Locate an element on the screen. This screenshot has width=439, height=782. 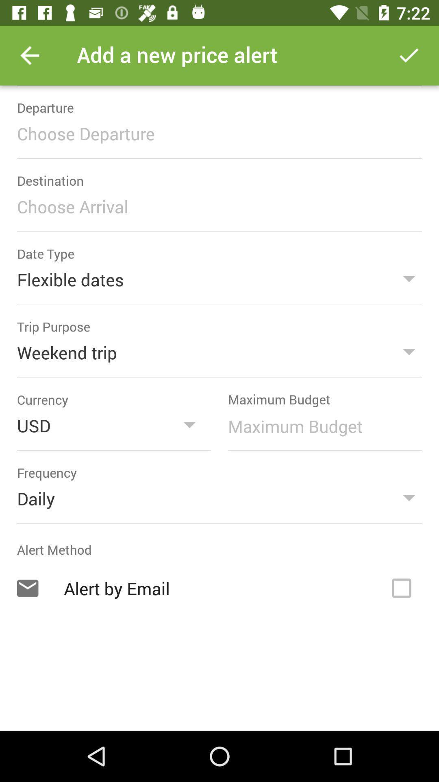
the icon next to the add a new is located at coordinates (409, 55).